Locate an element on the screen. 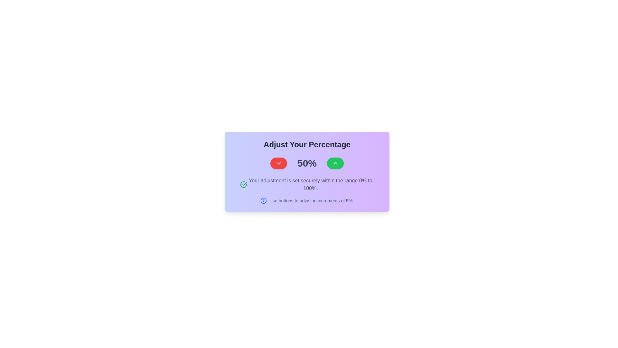 The width and height of the screenshot is (618, 348). the static text label displaying the message 'Your adjustment is set securely within the range 0% to 100%.' which is styled in gray and located beneath the numeric display and adjustment buttons is located at coordinates (310, 185).